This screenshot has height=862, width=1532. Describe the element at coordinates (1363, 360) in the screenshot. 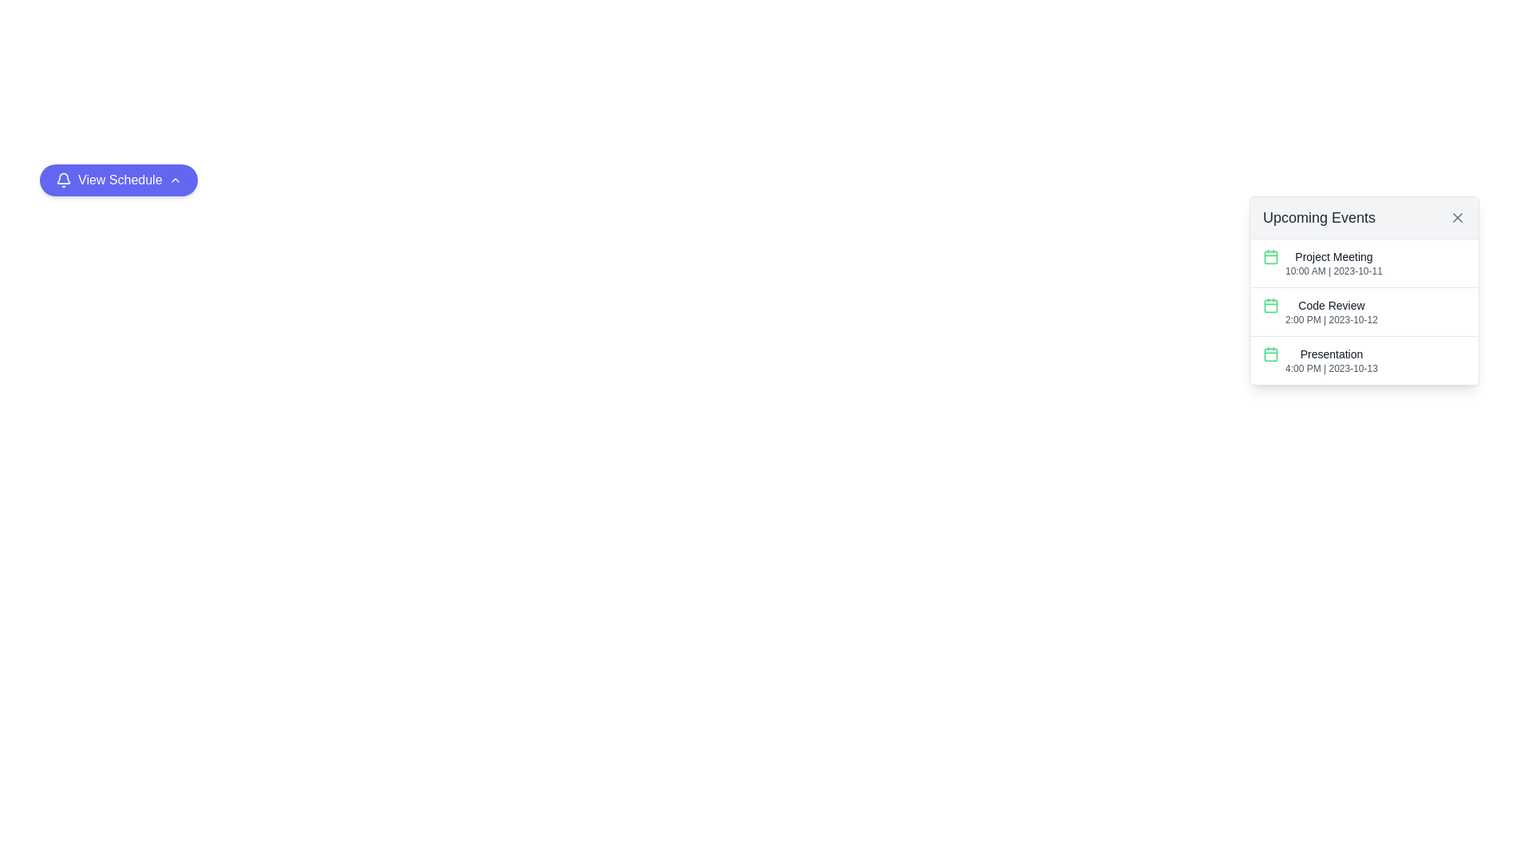

I see `the third item in the 'Upcoming Events' list, which contains the text 'Presentation' and a calendar icon` at that location.